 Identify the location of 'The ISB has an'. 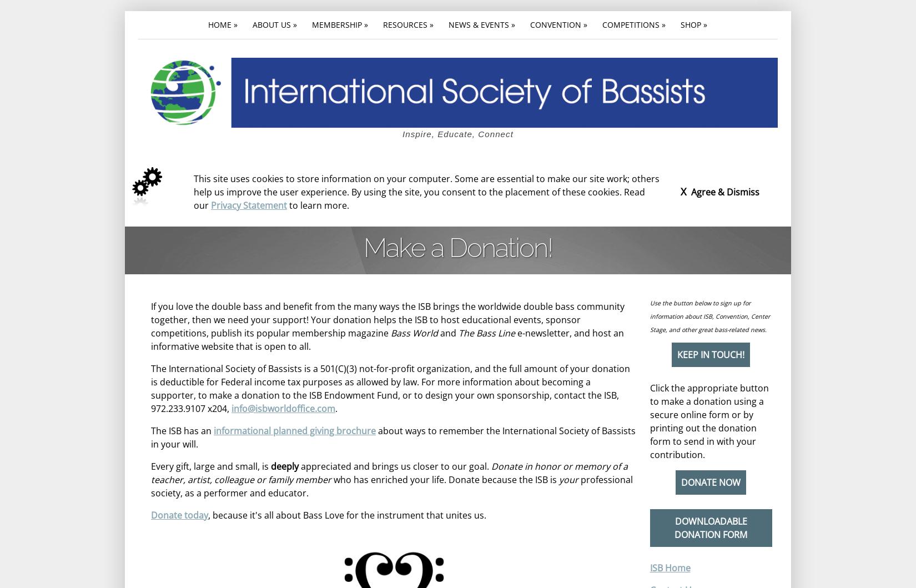
(182, 429).